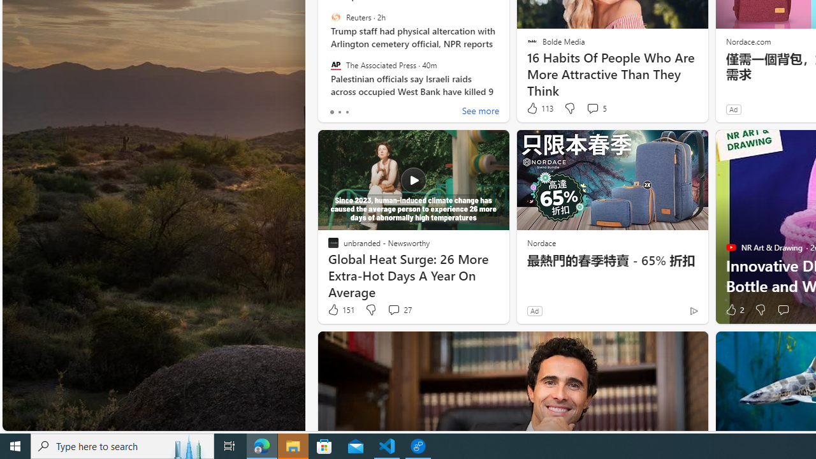 The width and height of the screenshot is (816, 459). I want to click on 'View comments 27 Comment', so click(393, 310).